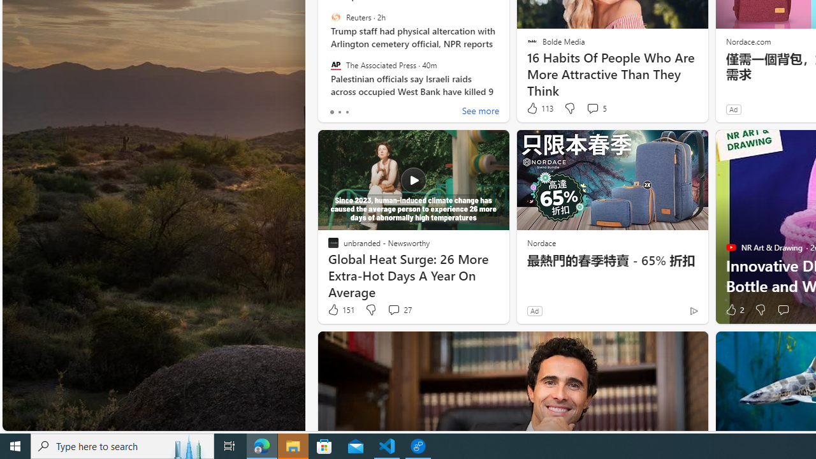 The width and height of the screenshot is (816, 459). I want to click on 'View comments 27 Comment', so click(393, 310).